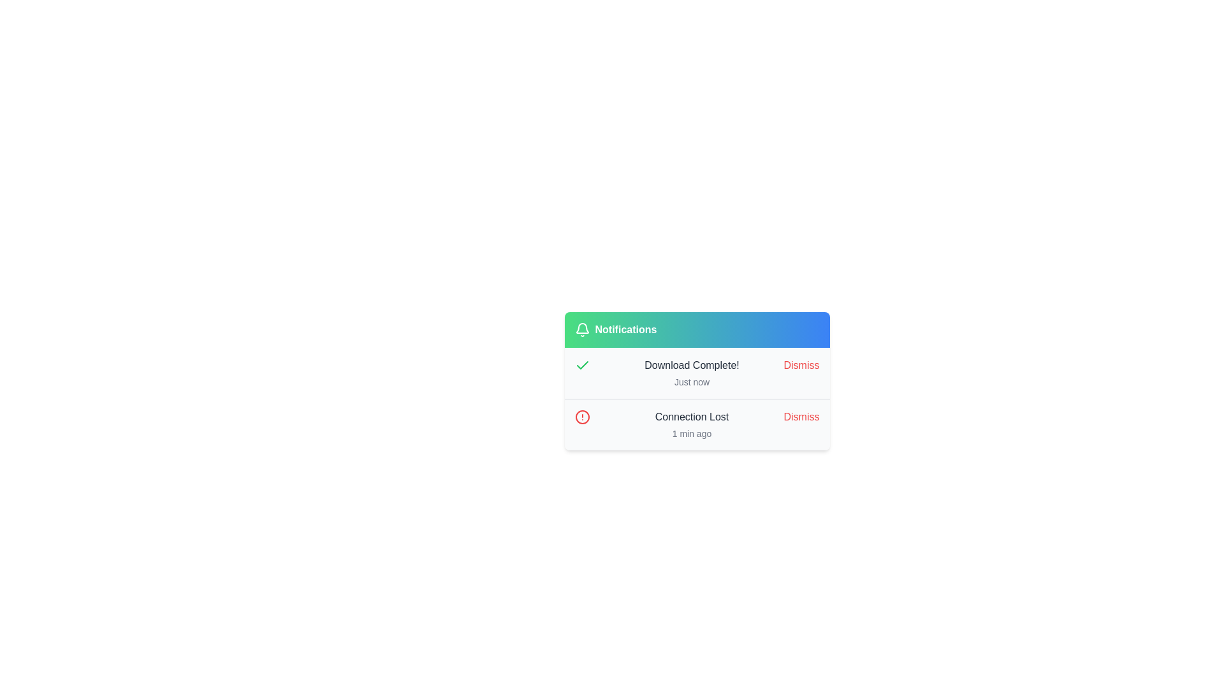 The height and width of the screenshot is (688, 1224). I want to click on the 'Dismiss' button styled in red at the bottom-right corner of the 'Connection Lost' notification card, so click(801, 417).